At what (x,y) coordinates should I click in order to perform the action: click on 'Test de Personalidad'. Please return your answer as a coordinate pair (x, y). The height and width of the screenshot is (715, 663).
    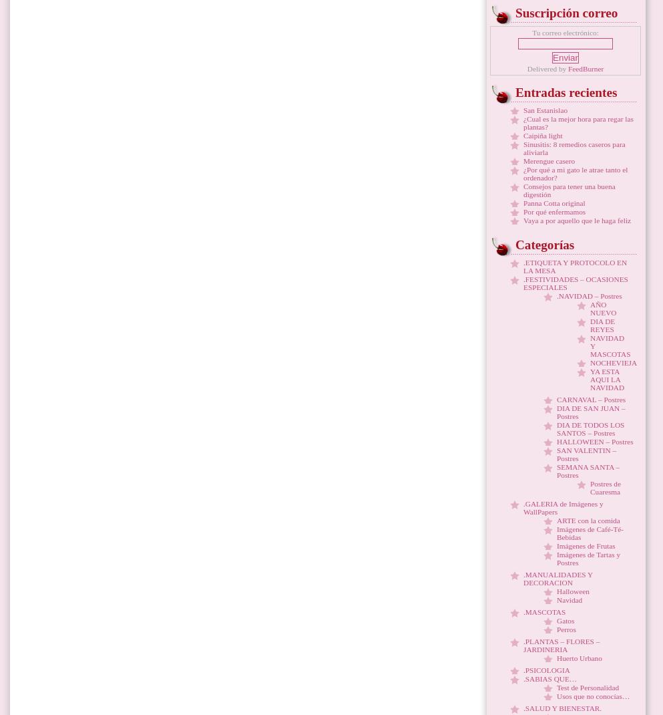
    Looking at the image, I should click on (588, 688).